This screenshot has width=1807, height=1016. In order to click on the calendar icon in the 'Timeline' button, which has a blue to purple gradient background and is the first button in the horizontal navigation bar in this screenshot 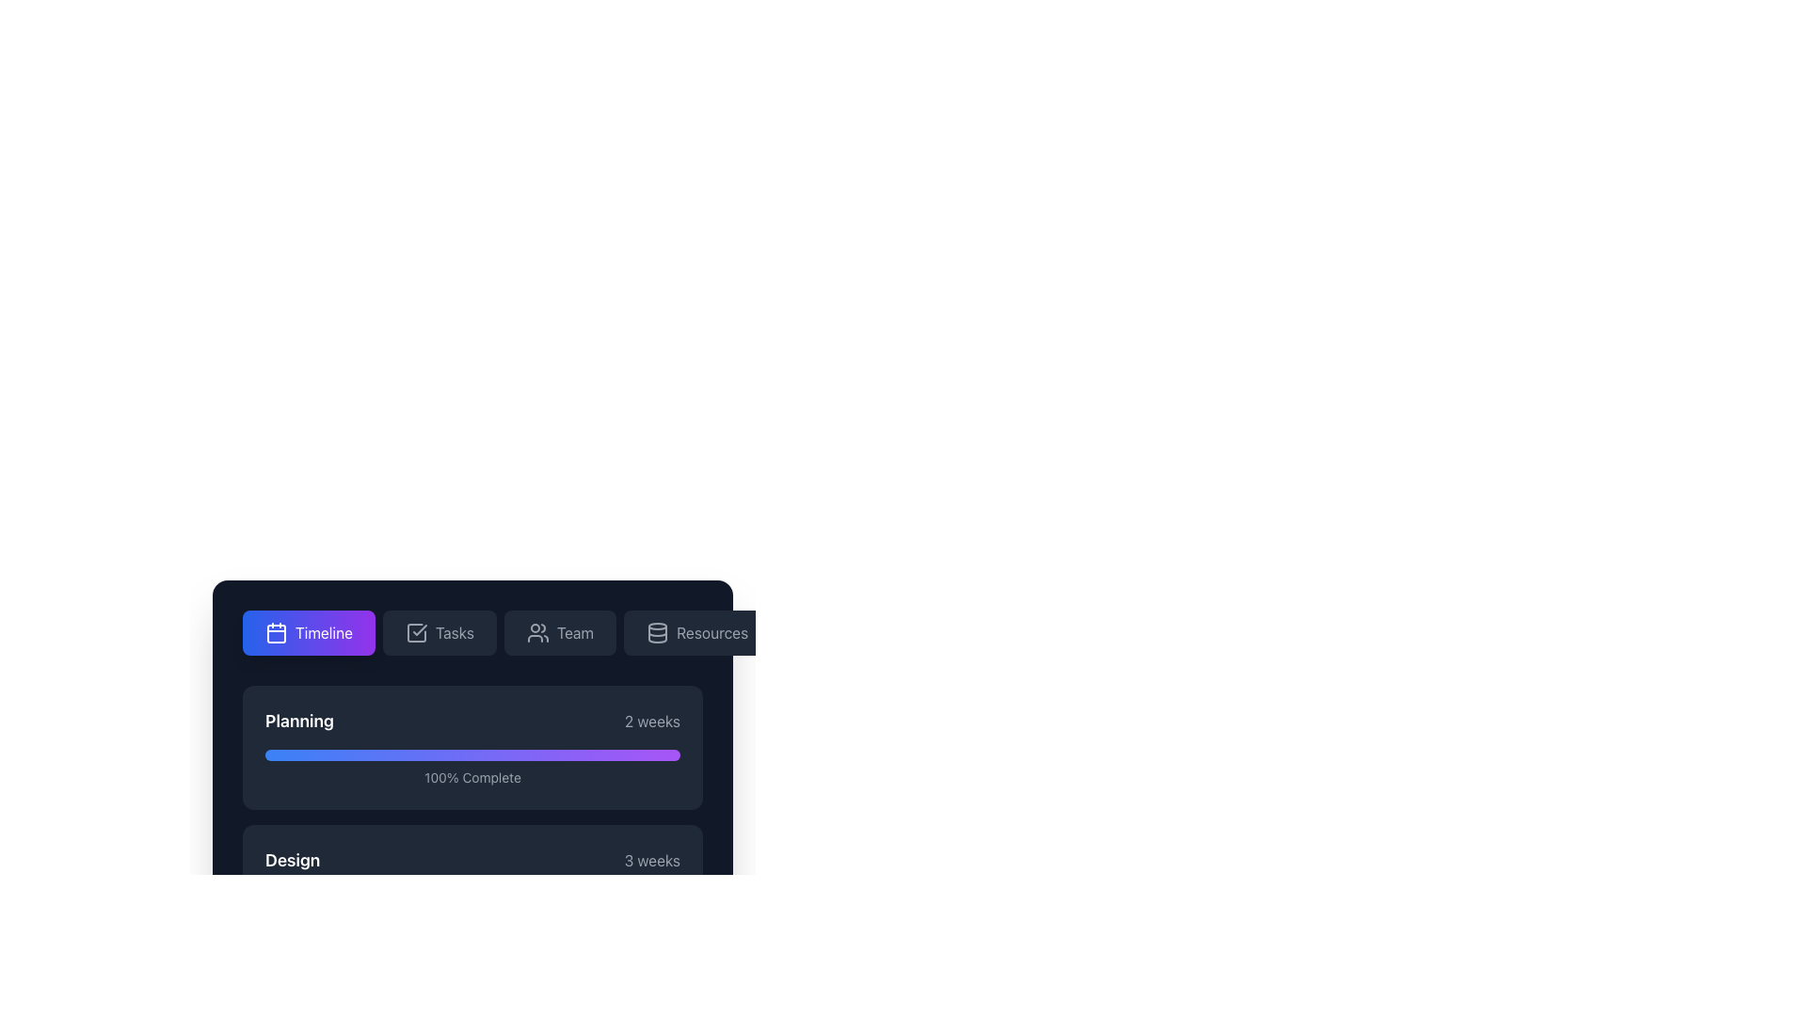, I will do `click(275, 632)`.